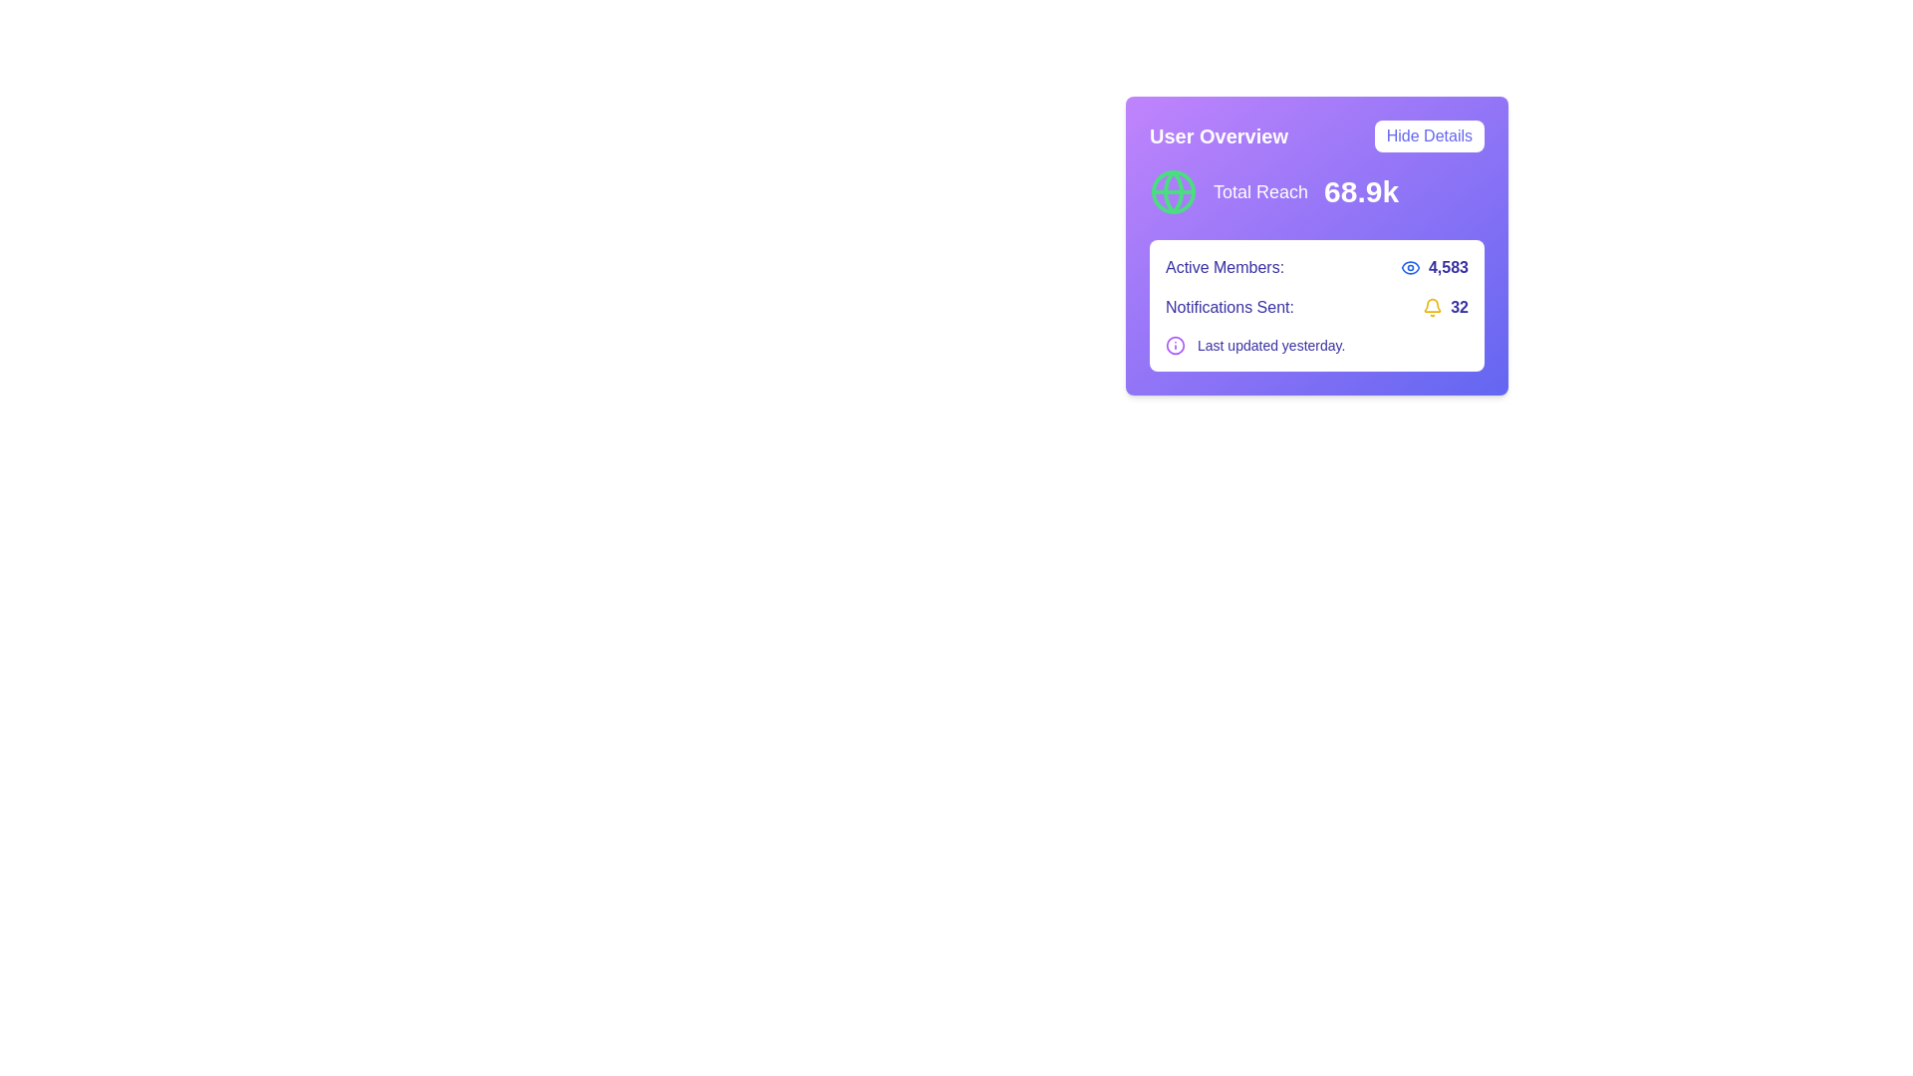  I want to click on the 'Notifications Sent:' label, which is styled in a clean sans-serif font on a purple-themed rectangular card, located within the 'User Overview' card, to the left of the icon and the numeric value '32', so click(1229, 307).